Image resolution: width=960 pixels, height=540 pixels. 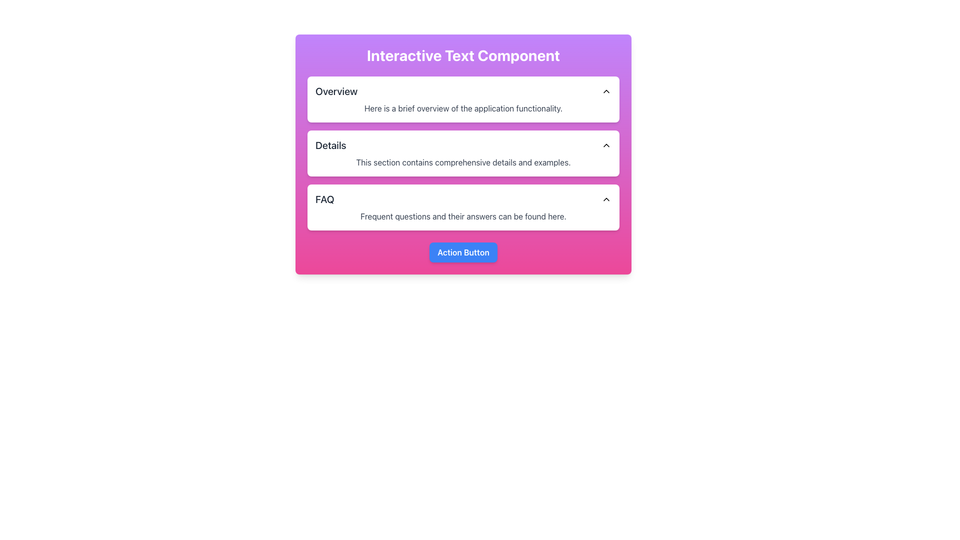 I want to click on the second subsection of the accordion section, so click(x=462, y=153).